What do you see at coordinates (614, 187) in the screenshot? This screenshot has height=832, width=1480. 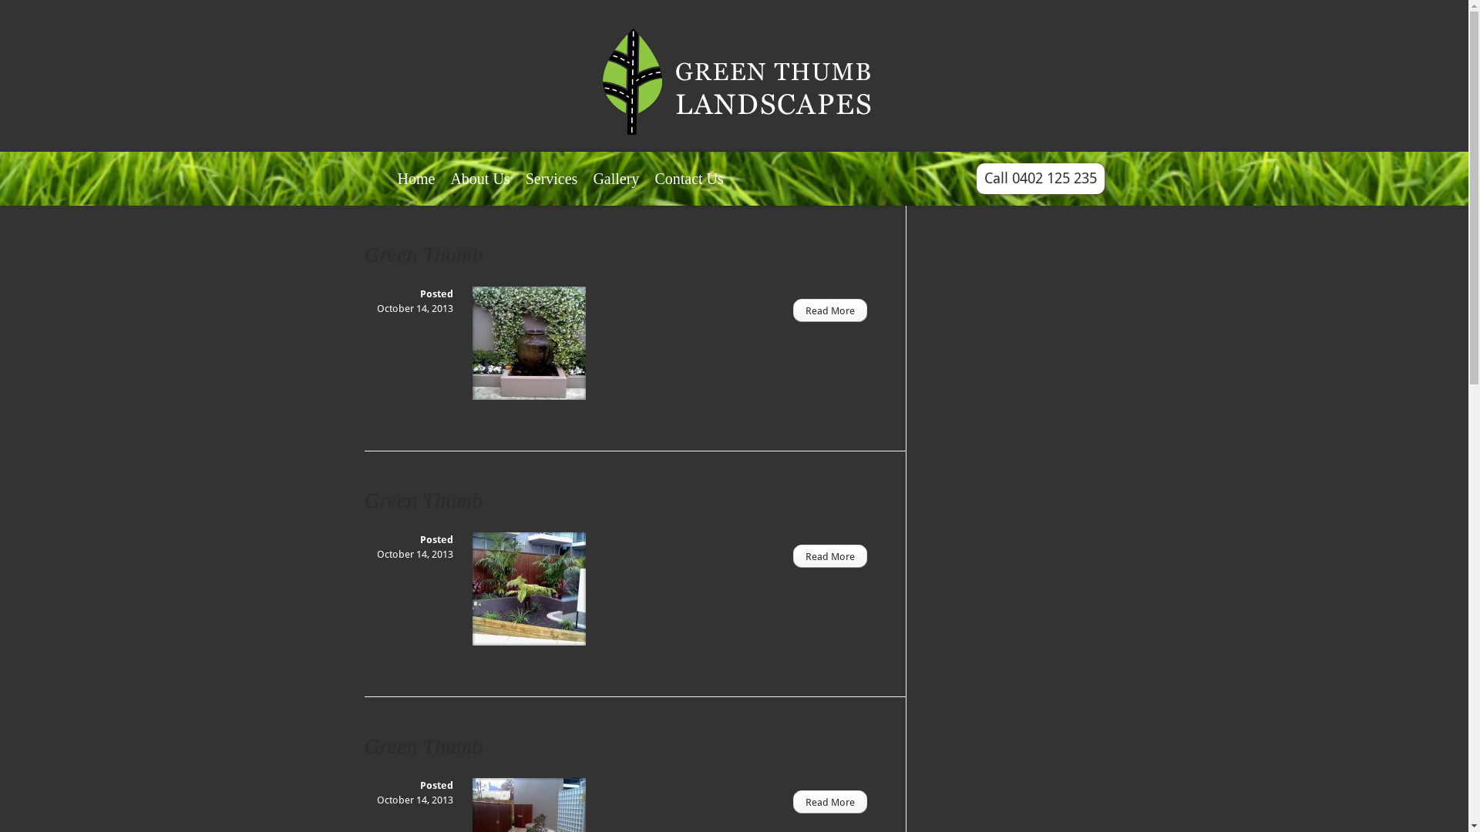 I see `'Gallery'` at bounding box center [614, 187].